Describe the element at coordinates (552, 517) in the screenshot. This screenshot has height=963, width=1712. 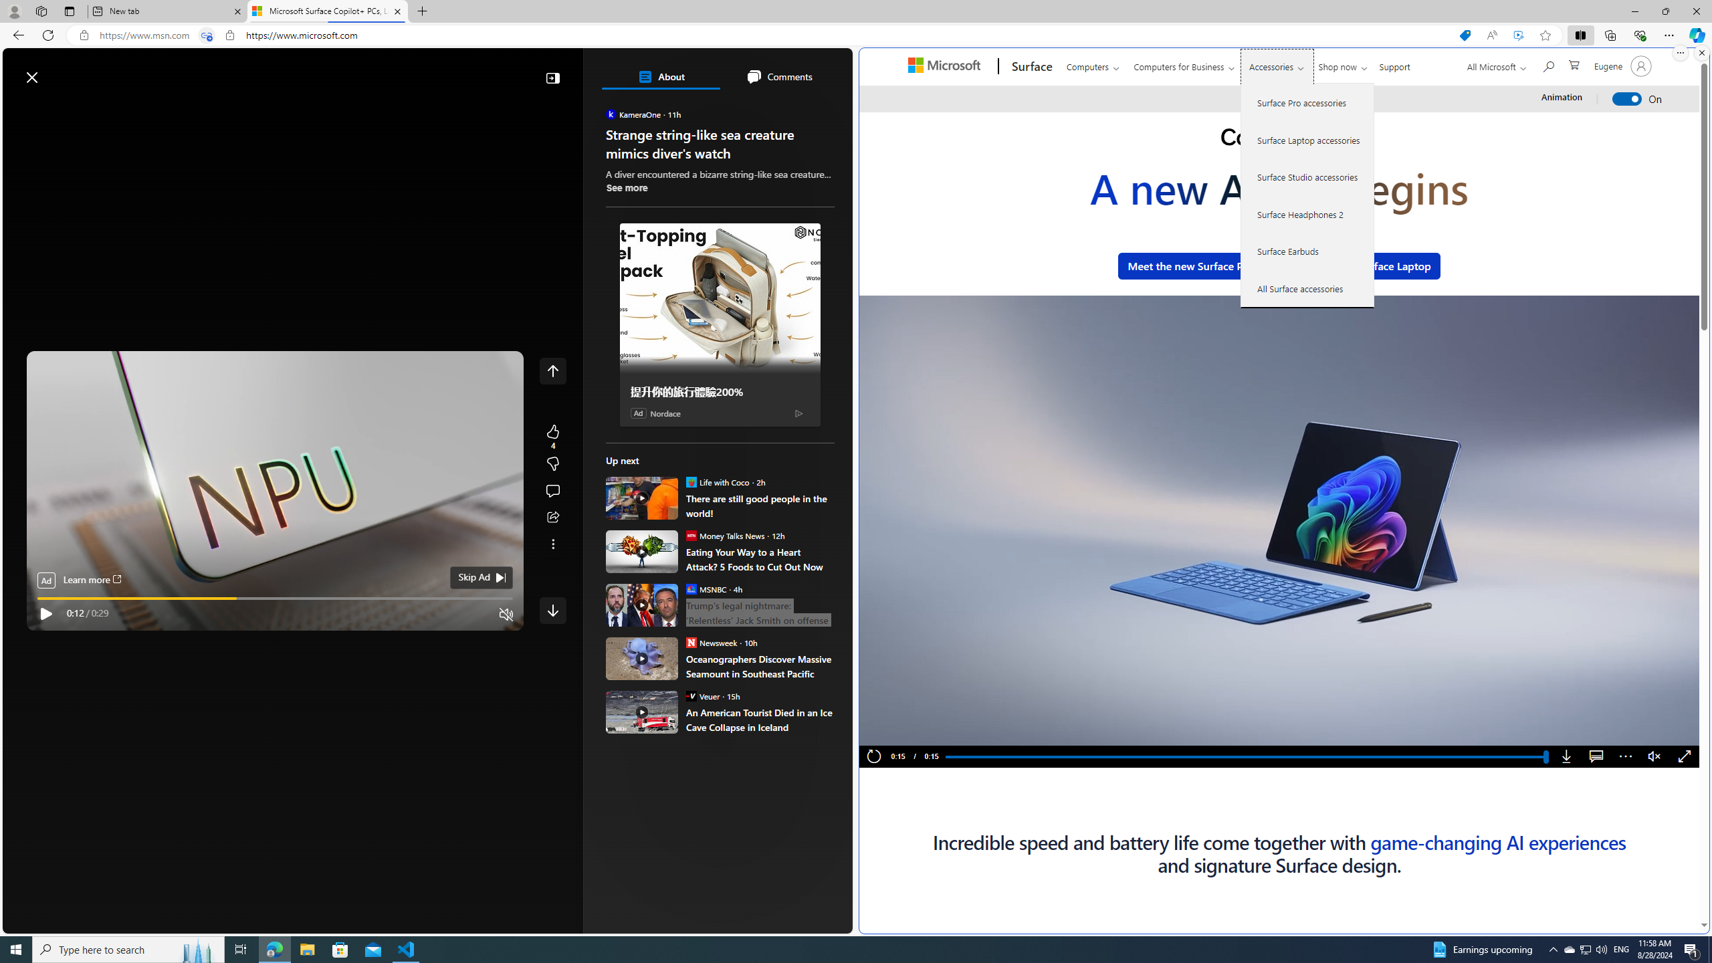
I see `'Share this story'` at that location.